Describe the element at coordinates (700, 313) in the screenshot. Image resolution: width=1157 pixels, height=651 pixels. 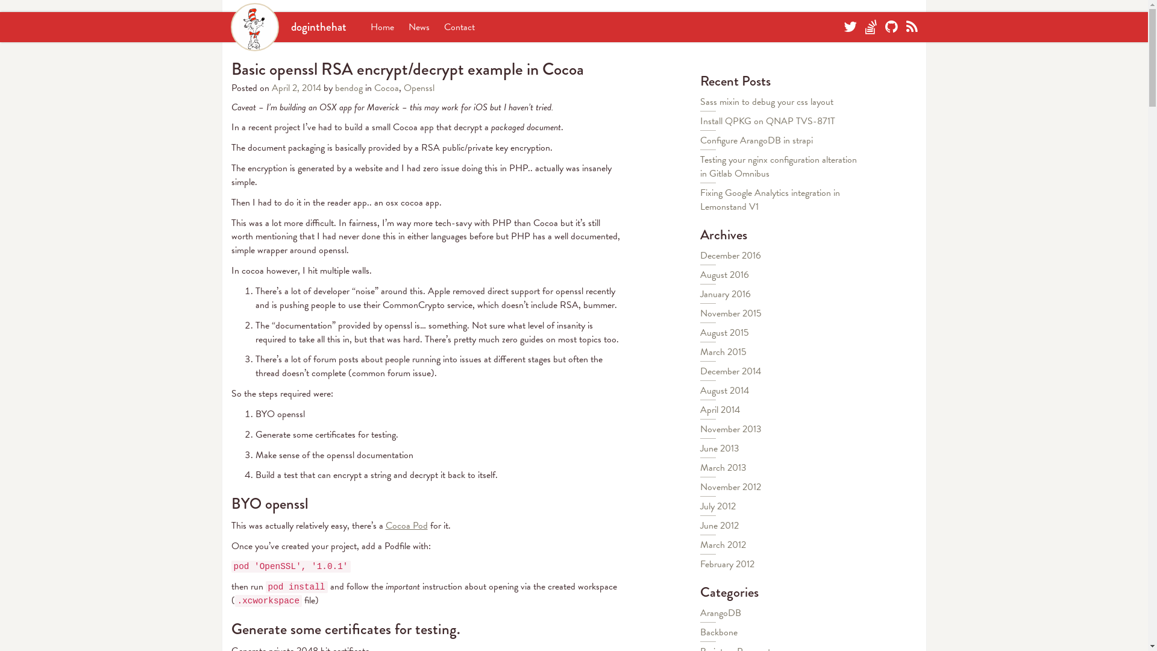
I see `'November 2015'` at that location.